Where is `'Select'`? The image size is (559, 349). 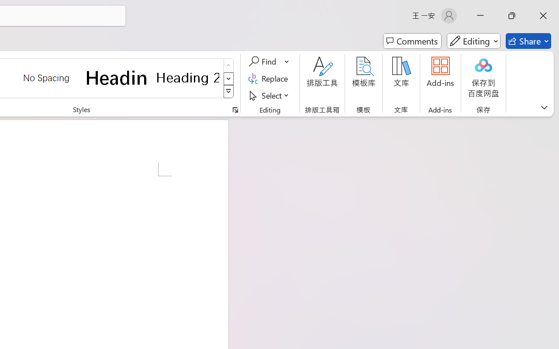
'Select' is located at coordinates (269, 95).